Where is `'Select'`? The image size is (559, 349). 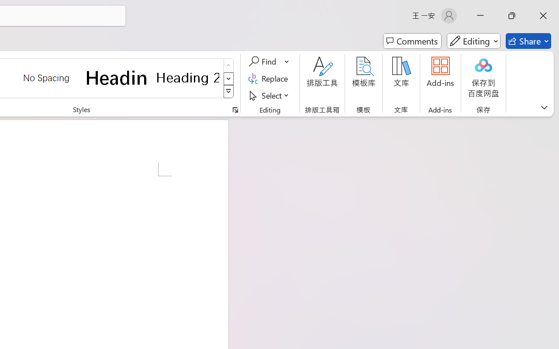
'Select' is located at coordinates (269, 95).